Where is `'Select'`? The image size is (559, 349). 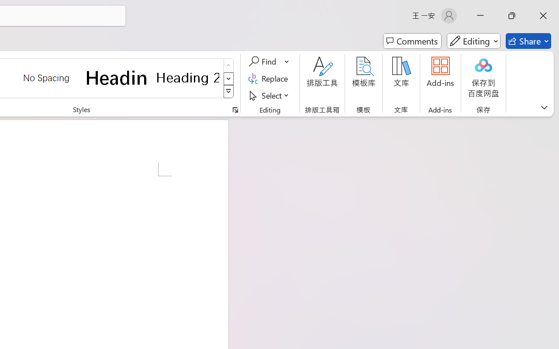
'Select' is located at coordinates (269, 95).